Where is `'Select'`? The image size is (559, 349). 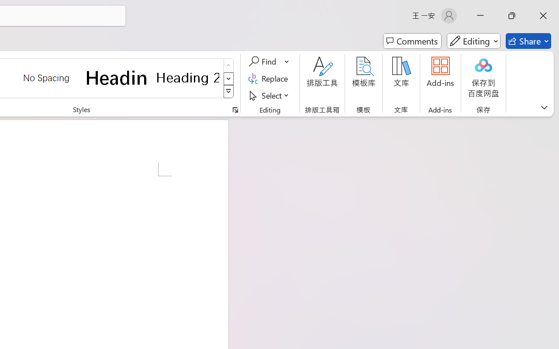
'Select' is located at coordinates (269, 95).